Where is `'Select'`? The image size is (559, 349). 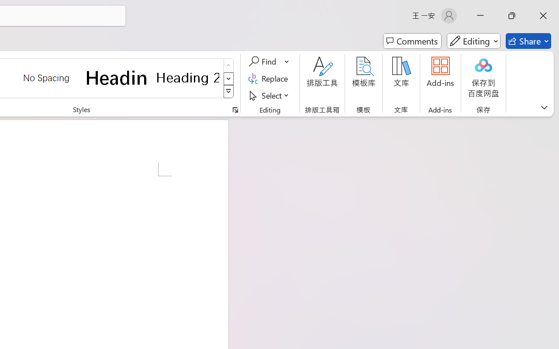
'Select' is located at coordinates (269, 95).